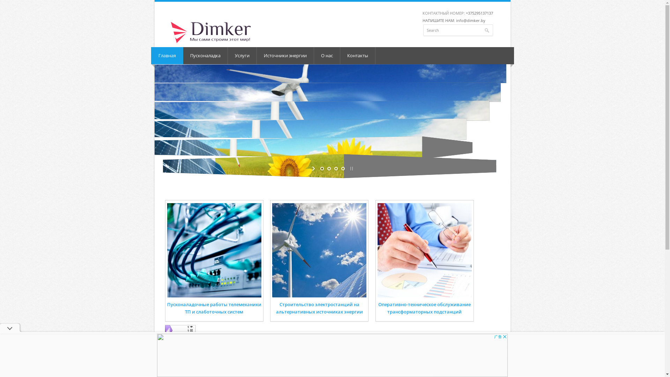 The width and height of the screenshot is (670, 377). What do you see at coordinates (478, 13) in the screenshot?
I see `'+375295137137'` at bounding box center [478, 13].